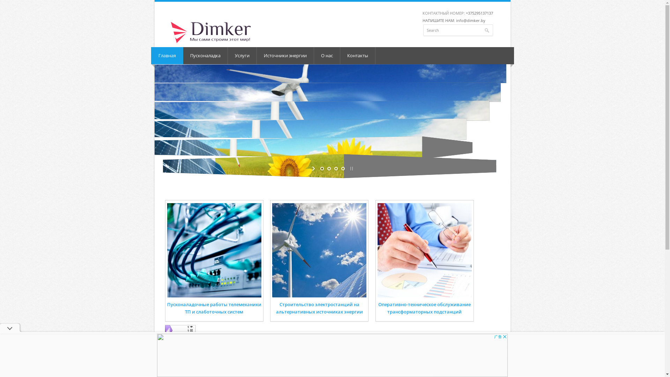 The width and height of the screenshot is (670, 377). What do you see at coordinates (478, 13) in the screenshot?
I see `'+375295137137'` at bounding box center [478, 13].